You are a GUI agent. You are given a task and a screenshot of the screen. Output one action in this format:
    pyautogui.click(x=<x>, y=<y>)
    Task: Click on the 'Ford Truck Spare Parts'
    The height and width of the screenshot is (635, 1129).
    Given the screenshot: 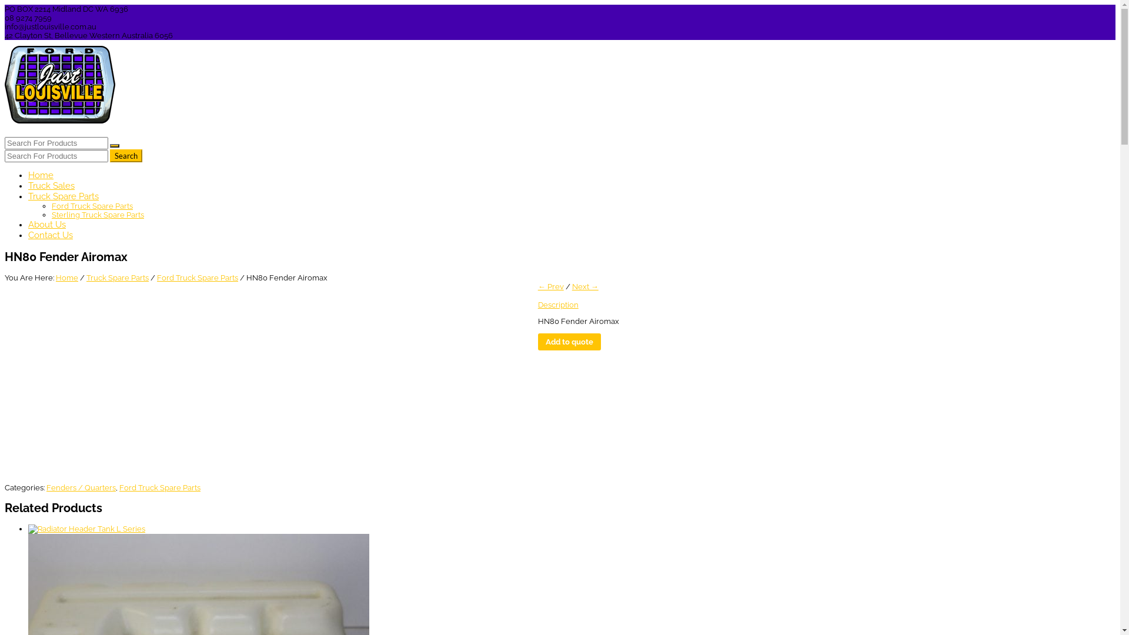 What is the action you would take?
    pyautogui.click(x=159, y=487)
    